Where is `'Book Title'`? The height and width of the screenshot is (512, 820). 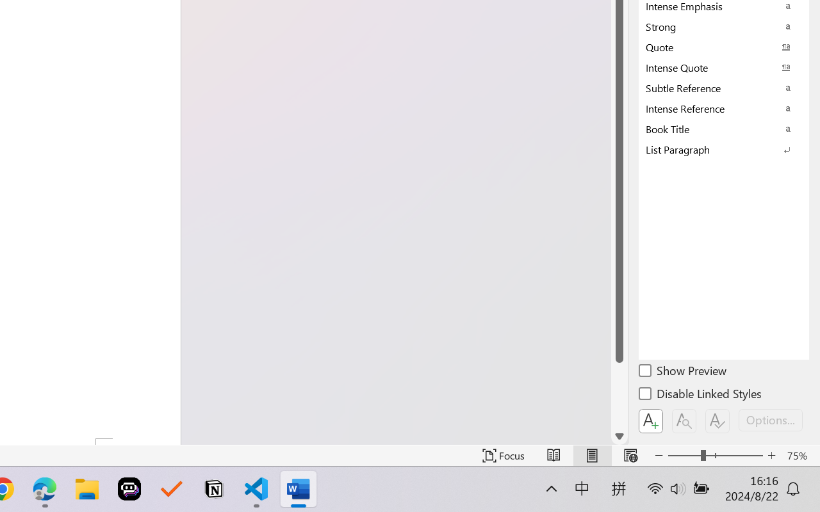
'Book Title' is located at coordinates (724, 129).